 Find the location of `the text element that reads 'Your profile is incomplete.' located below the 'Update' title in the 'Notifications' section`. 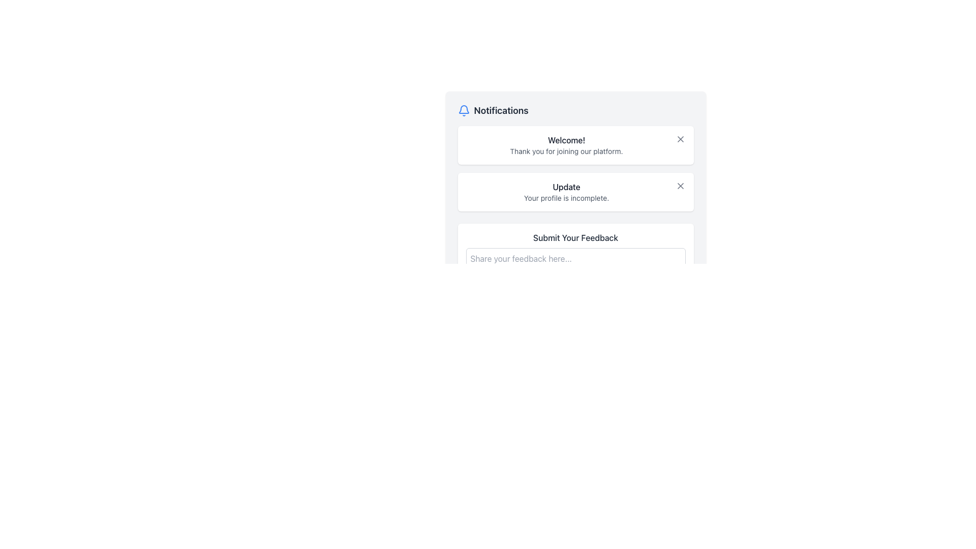

the text element that reads 'Your profile is incomplete.' located below the 'Update' title in the 'Notifications' section is located at coordinates (566, 198).